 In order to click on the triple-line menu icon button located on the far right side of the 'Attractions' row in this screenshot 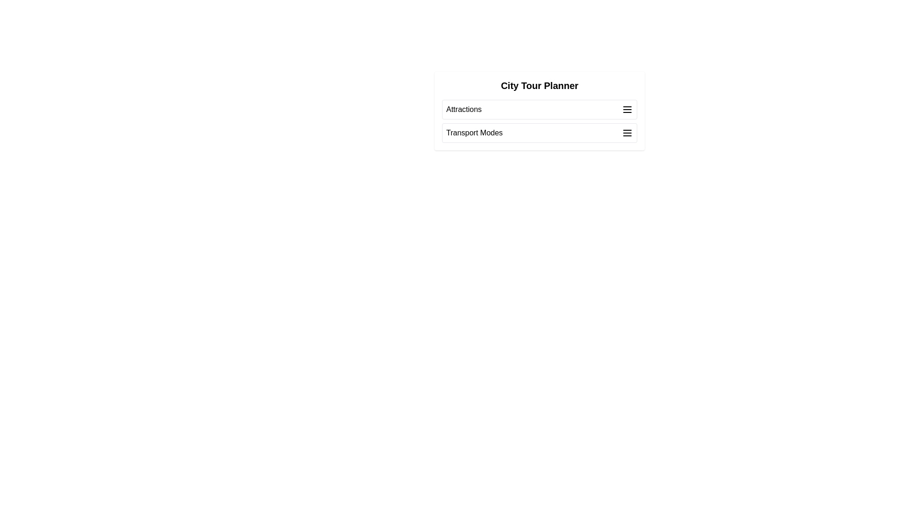, I will do `click(627, 109)`.